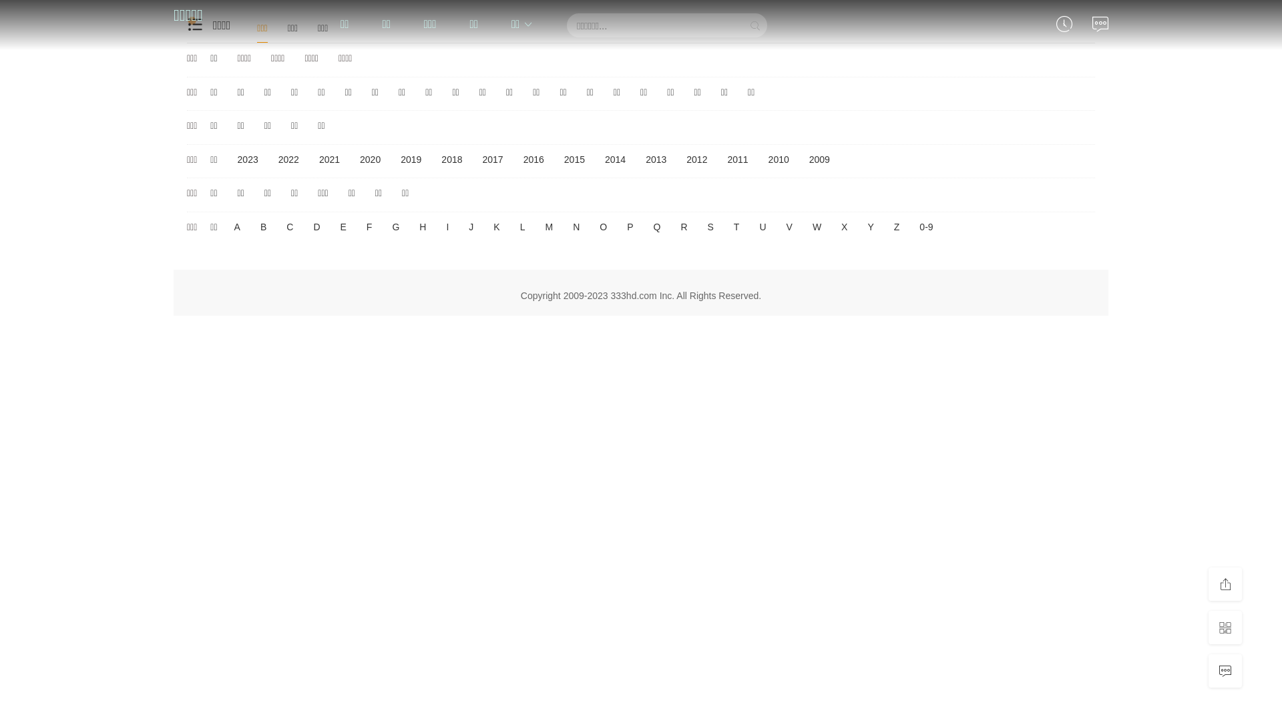 This screenshot has width=1282, height=721. Describe the element at coordinates (415, 226) in the screenshot. I see `'H'` at that location.